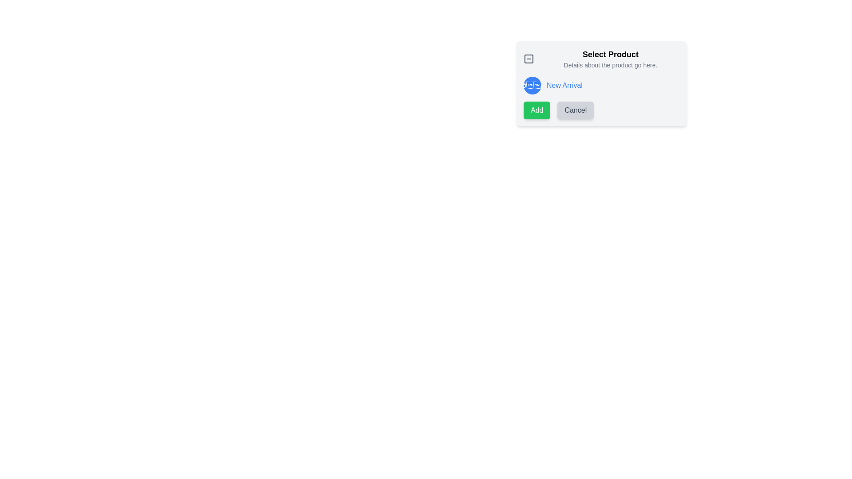 The image size is (852, 479). Describe the element at coordinates (529, 59) in the screenshot. I see `the icon button located to the left of the 'Select Product' title text in the popup dialog` at that location.